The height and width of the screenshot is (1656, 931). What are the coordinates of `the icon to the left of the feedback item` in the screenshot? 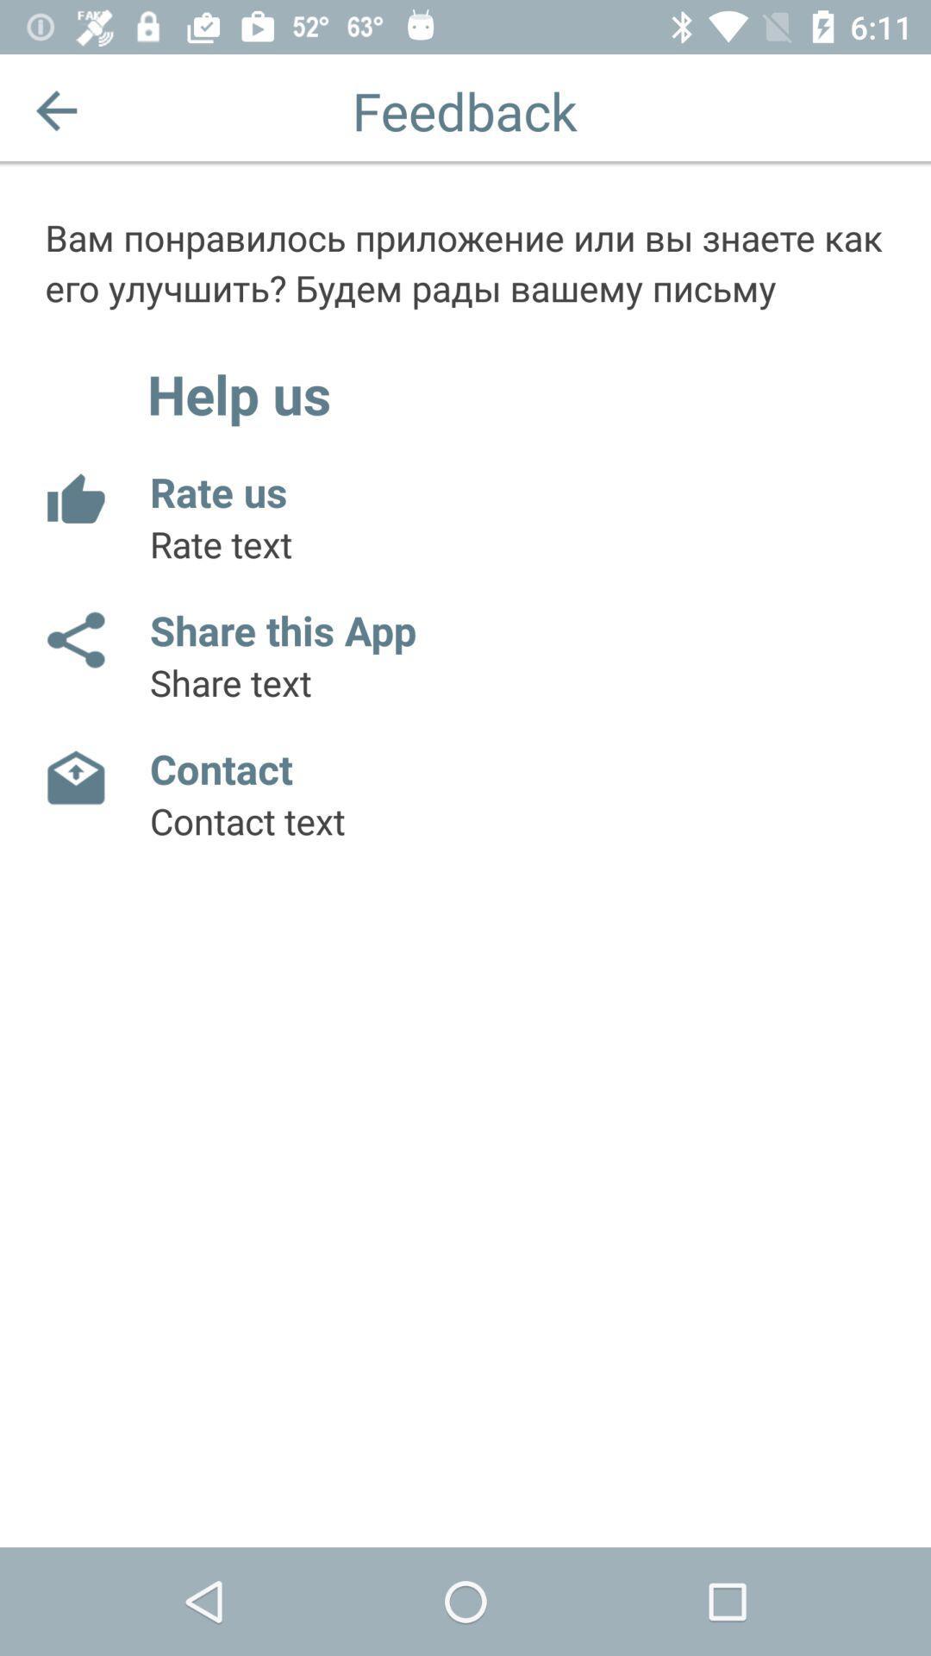 It's located at (55, 110).